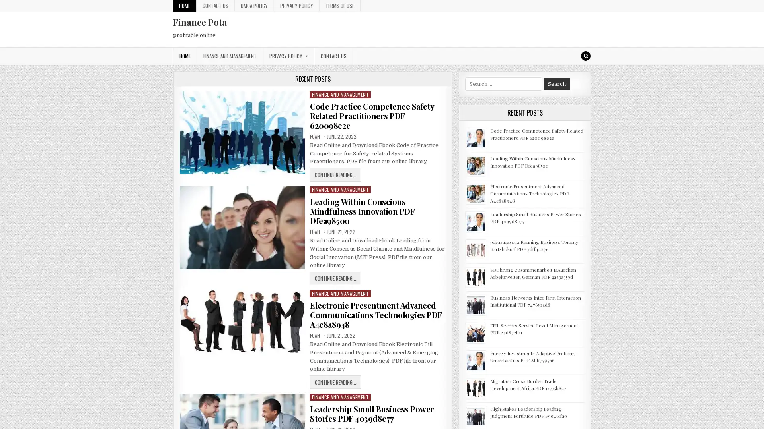  I want to click on Search, so click(556, 84).